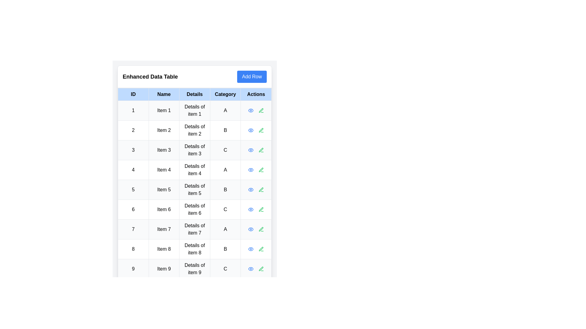 The image size is (586, 329). Describe the element at coordinates (261, 229) in the screenshot. I see `the edit icon button in the 'Actions' column of the table for 'Item 7'` at that location.